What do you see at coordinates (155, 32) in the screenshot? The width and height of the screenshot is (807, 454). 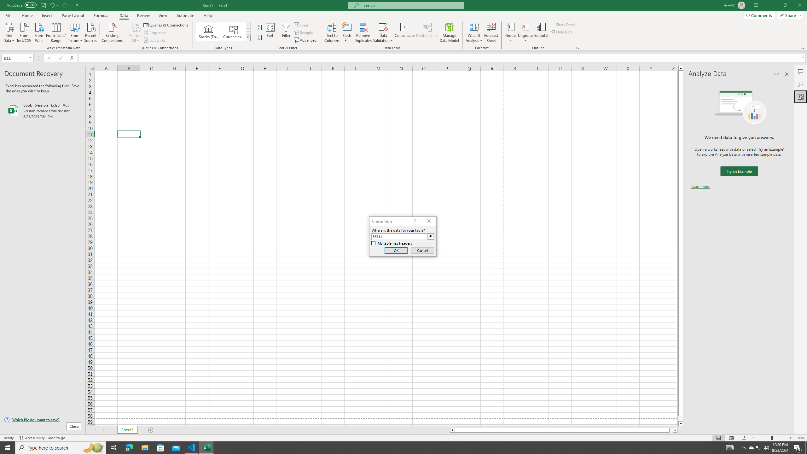 I see `'Properties'` at bounding box center [155, 32].